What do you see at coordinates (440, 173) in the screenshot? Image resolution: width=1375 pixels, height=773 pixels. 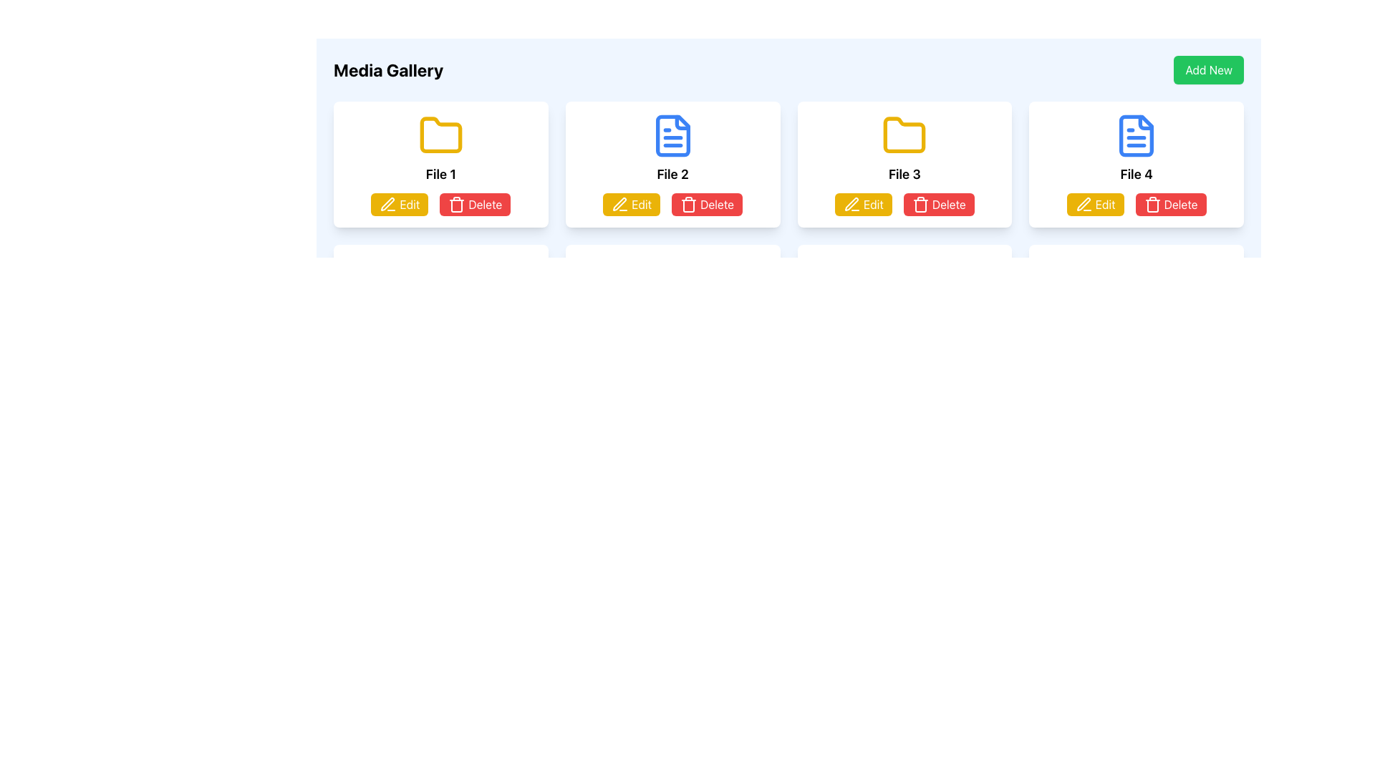 I see `the static text label displaying 'File 1', which is located directly below a yellow folder icon in a white card interface` at bounding box center [440, 173].